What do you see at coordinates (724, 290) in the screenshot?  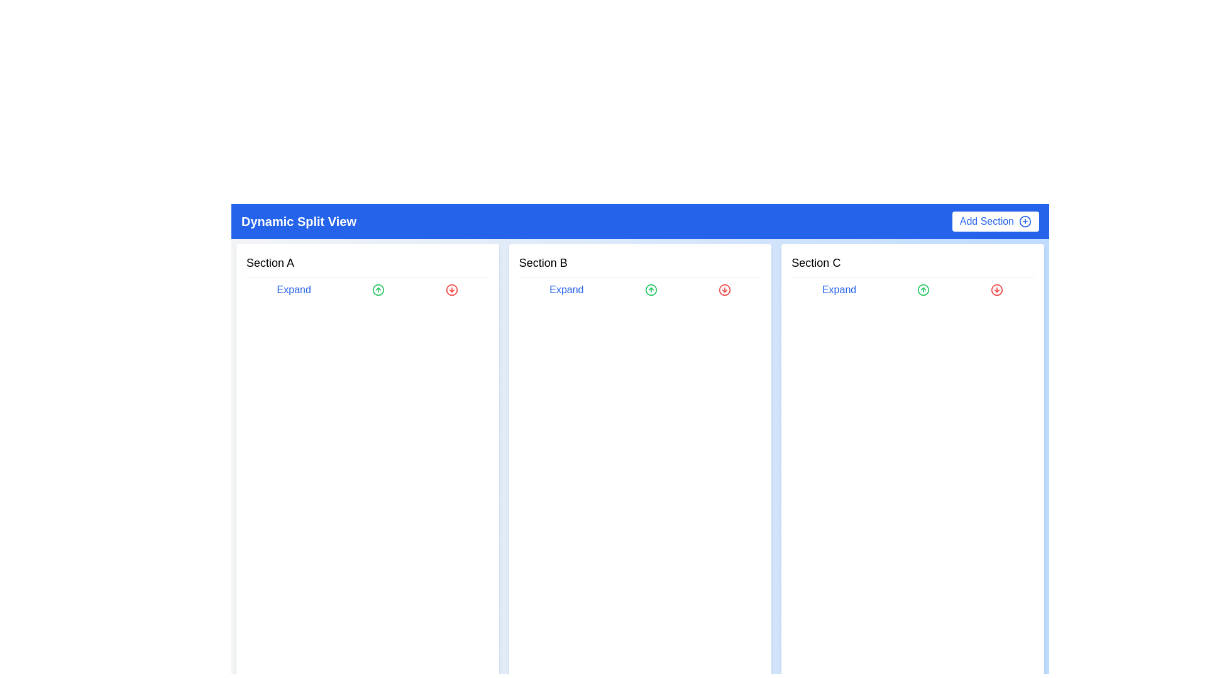 I see `the red circular icon in 'Section B'` at bounding box center [724, 290].